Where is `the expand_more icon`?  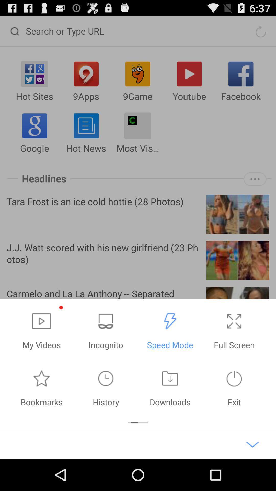 the expand_more icon is located at coordinates (252, 475).